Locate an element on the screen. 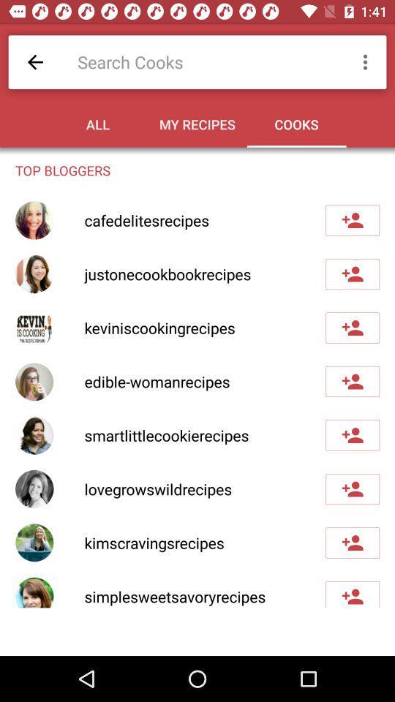 The image size is (395, 702). to friends is located at coordinates (352, 220).